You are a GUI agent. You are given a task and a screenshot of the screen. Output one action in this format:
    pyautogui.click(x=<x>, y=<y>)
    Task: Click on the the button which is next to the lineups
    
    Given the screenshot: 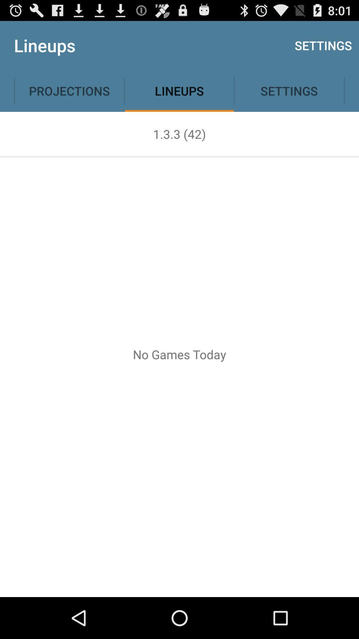 What is the action you would take?
    pyautogui.click(x=289, y=91)
    